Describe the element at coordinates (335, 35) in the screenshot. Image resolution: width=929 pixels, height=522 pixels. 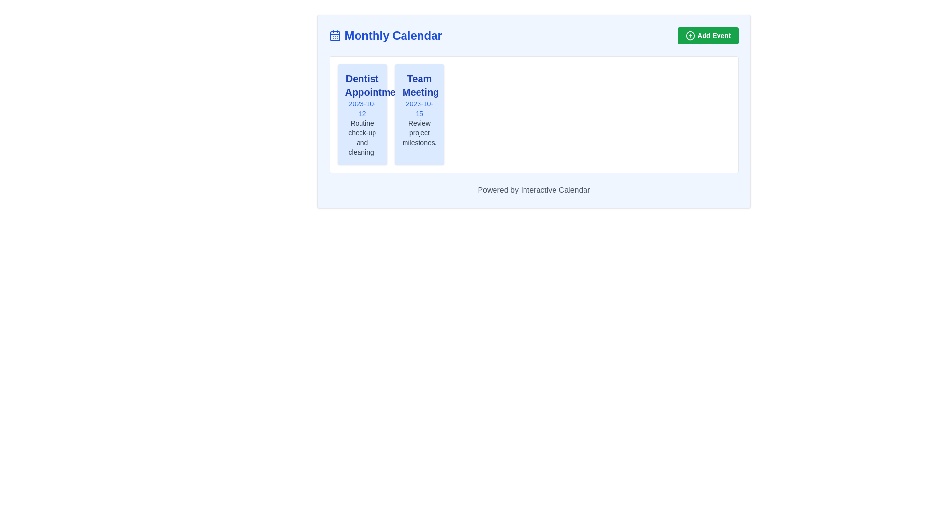
I see `the decorative element within the SVG graphic that represents a calendar, located at the top left of the interface next to the 'Monthly Calendar' title` at that location.